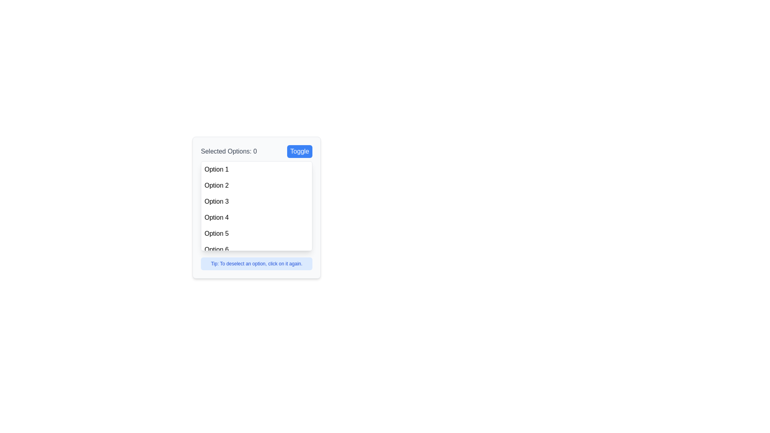 This screenshot has width=770, height=433. Describe the element at coordinates (256, 185) in the screenshot. I see `the second item in the dropdown menu` at that location.